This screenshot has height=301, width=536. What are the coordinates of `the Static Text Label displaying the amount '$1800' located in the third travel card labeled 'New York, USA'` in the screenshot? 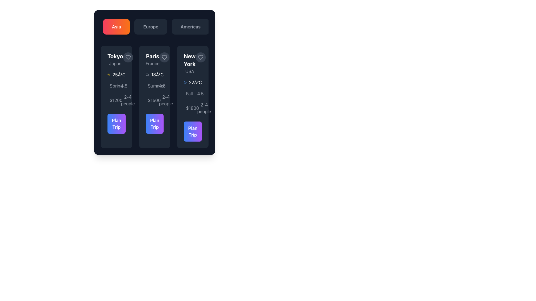 It's located at (192, 108).